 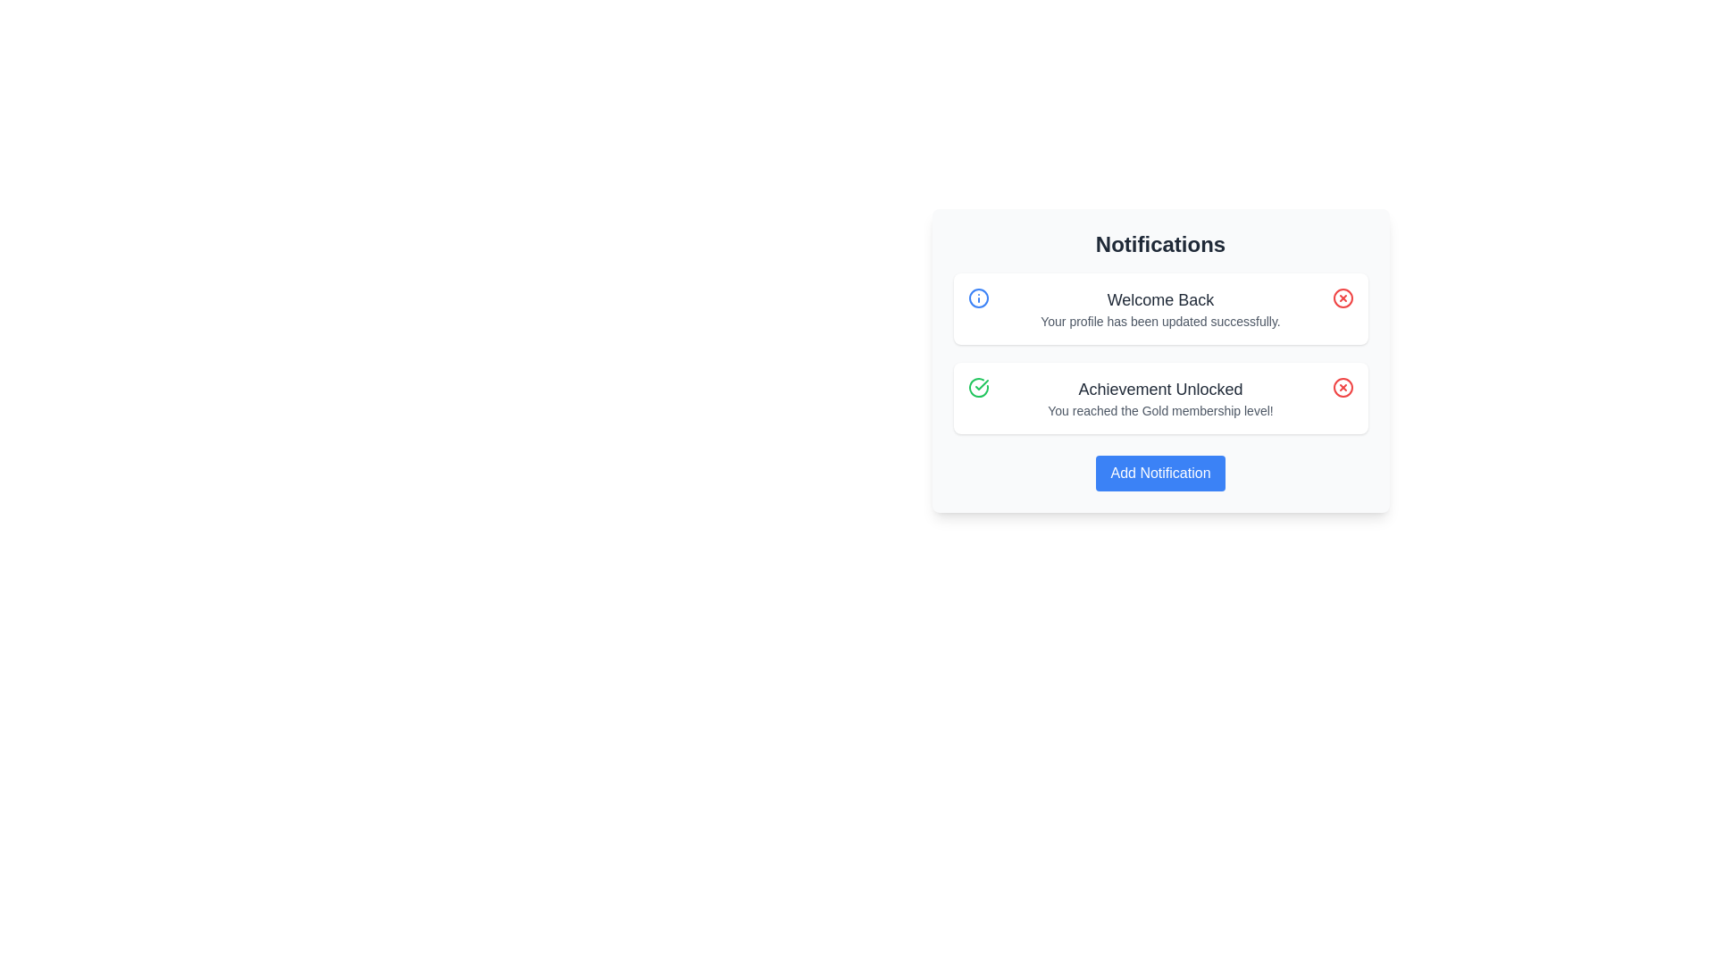 What do you see at coordinates (1160, 398) in the screenshot?
I see `the second notification card titled 'Achievement Unlocked' in the notification panel, which contains a green checkmark icon on the left and a red cross icon on the right` at bounding box center [1160, 398].